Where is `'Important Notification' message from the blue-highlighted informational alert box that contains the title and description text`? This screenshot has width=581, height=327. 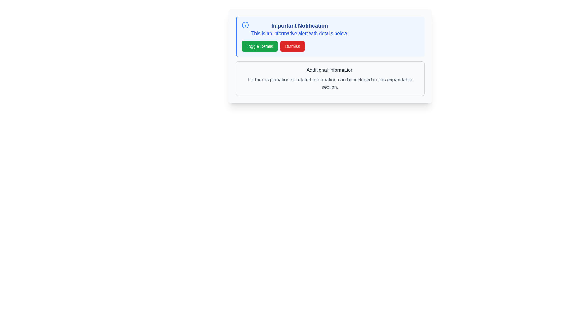
'Important Notification' message from the blue-highlighted informational alert box that contains the title and description text is located at coordinates (330, 29).